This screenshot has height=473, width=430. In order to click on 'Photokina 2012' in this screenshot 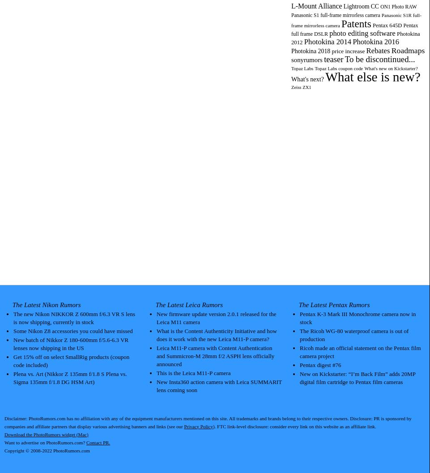, I will do `click(355, 38)`.